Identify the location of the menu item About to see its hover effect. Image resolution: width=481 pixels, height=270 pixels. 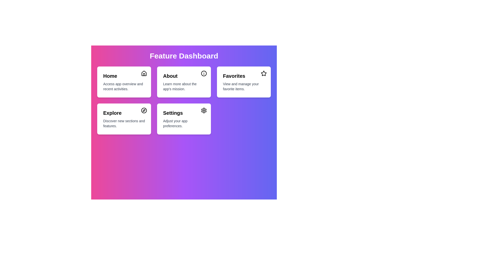
(184, 81).